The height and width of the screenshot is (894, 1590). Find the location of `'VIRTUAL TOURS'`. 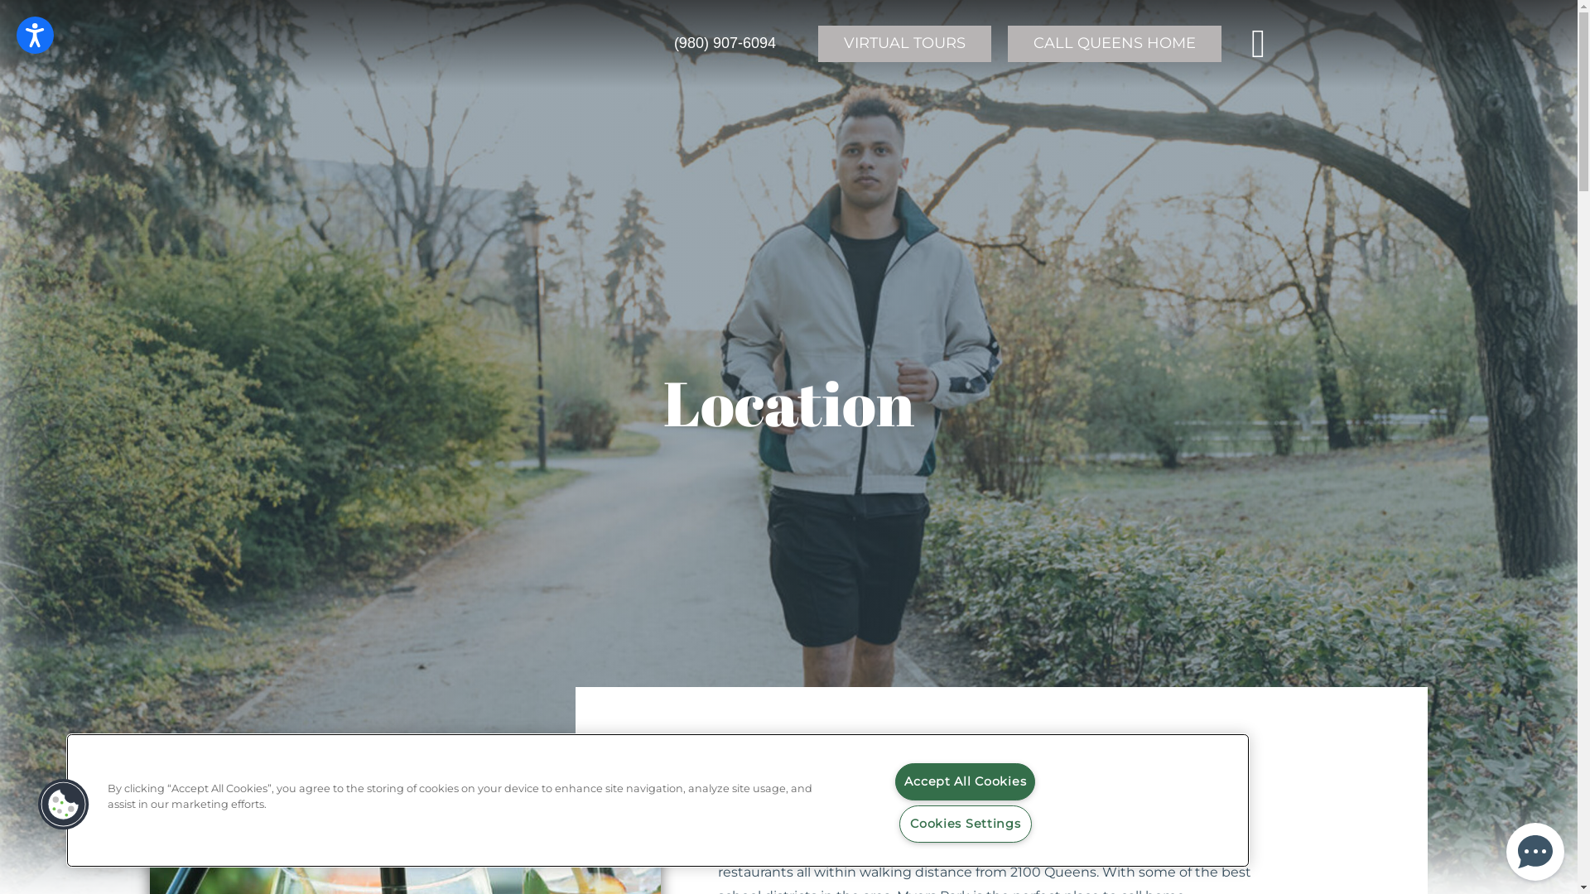

'VIRTUAL TOURS' is located at coordinates (818, 43).